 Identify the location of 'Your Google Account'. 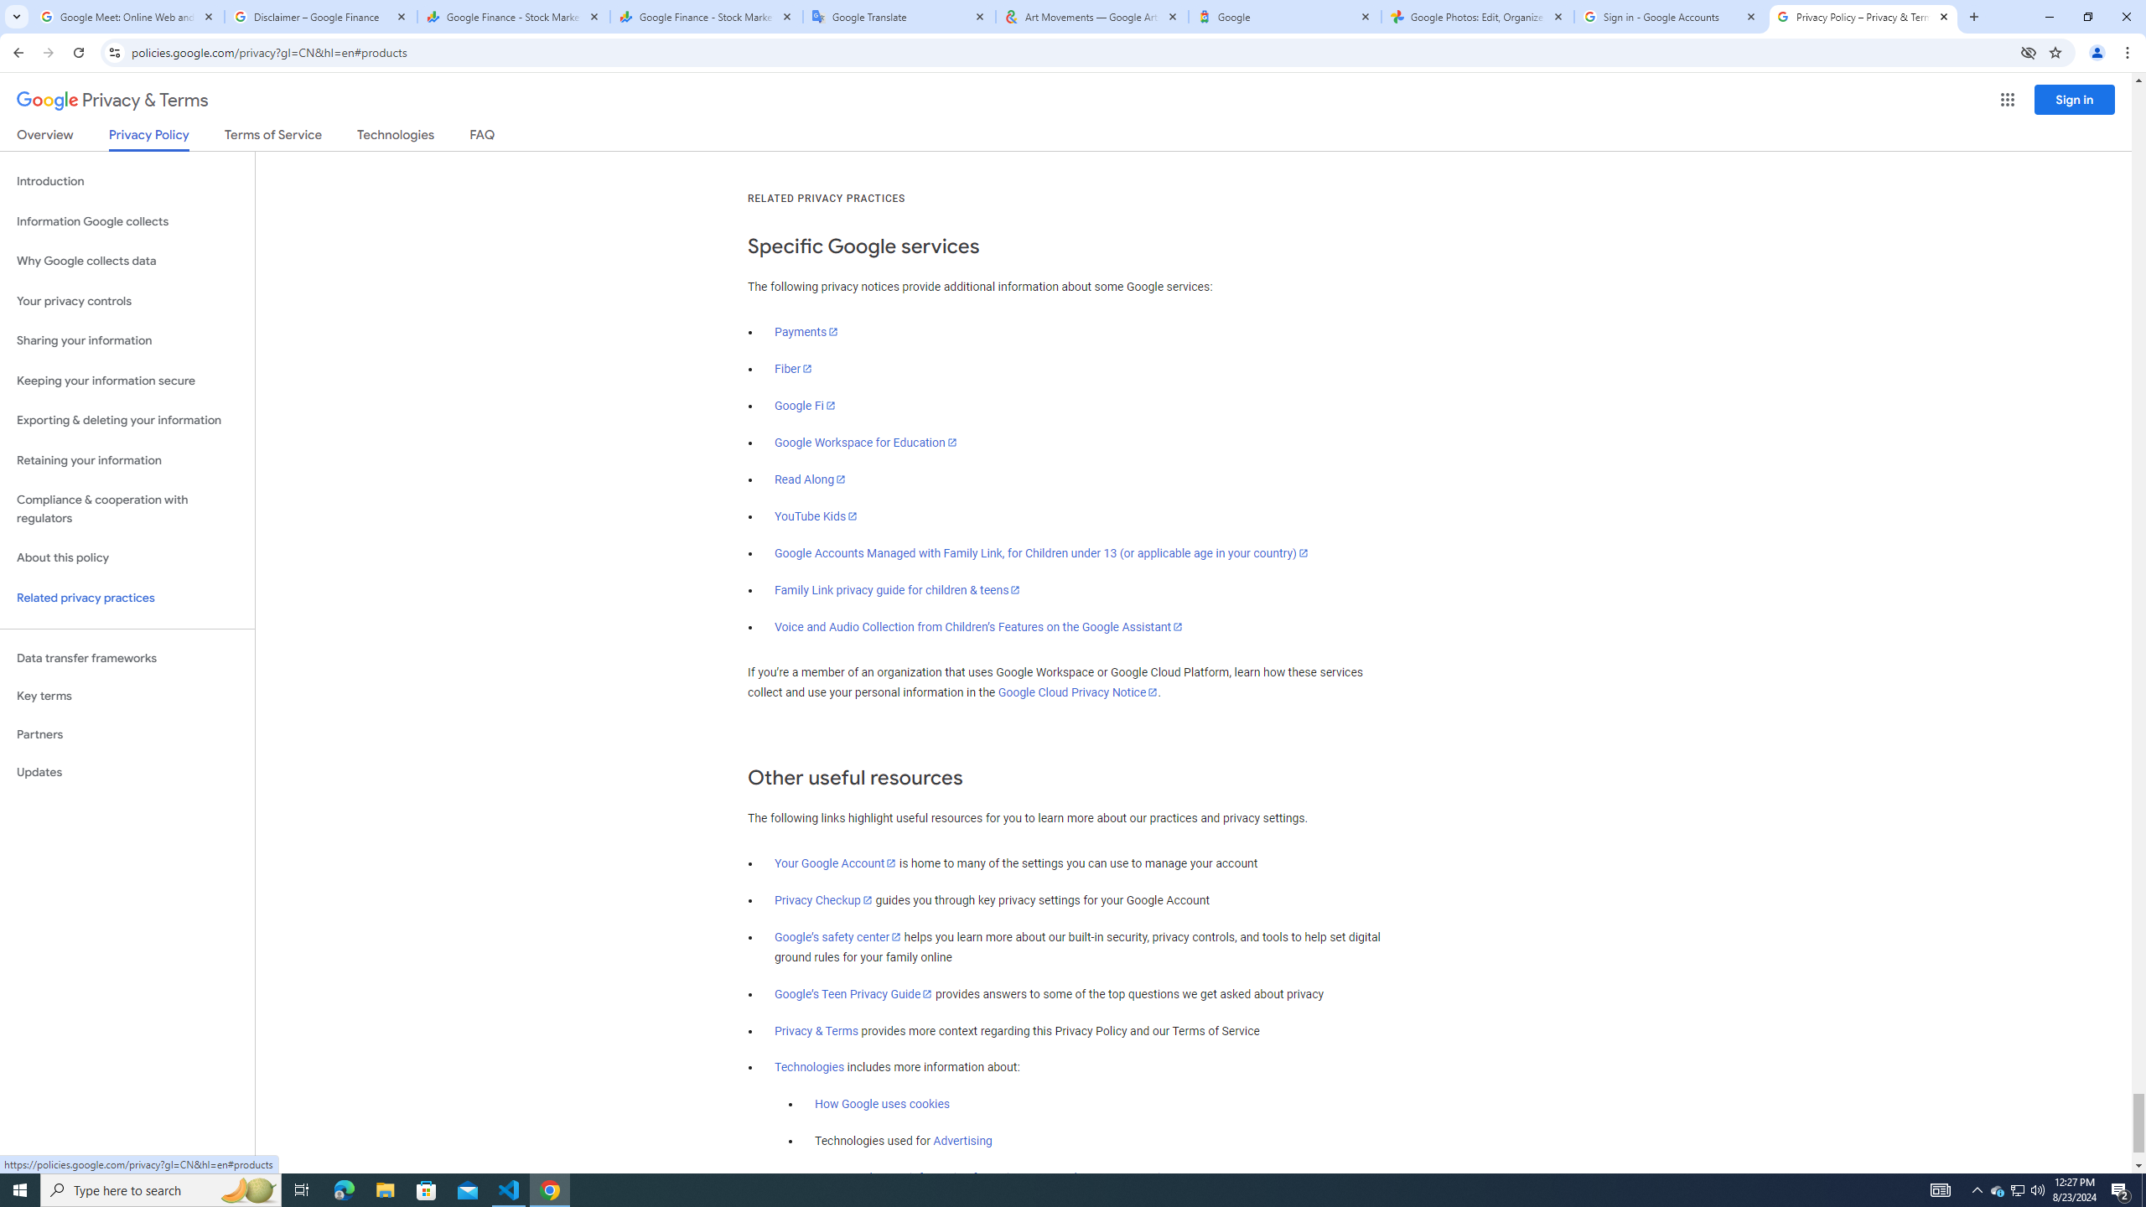
(835, 863).